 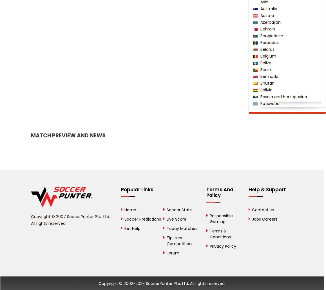 I want to click on 'Belize', so click(x=265, y=62).